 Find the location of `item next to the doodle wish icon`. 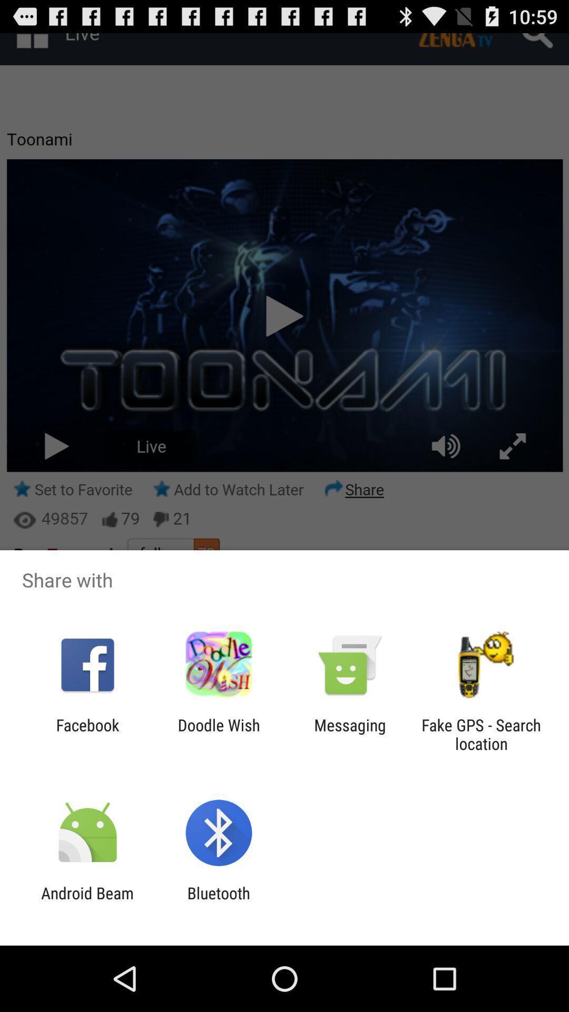

item next to the doodle wish icon is located at coordinates (87, 734).